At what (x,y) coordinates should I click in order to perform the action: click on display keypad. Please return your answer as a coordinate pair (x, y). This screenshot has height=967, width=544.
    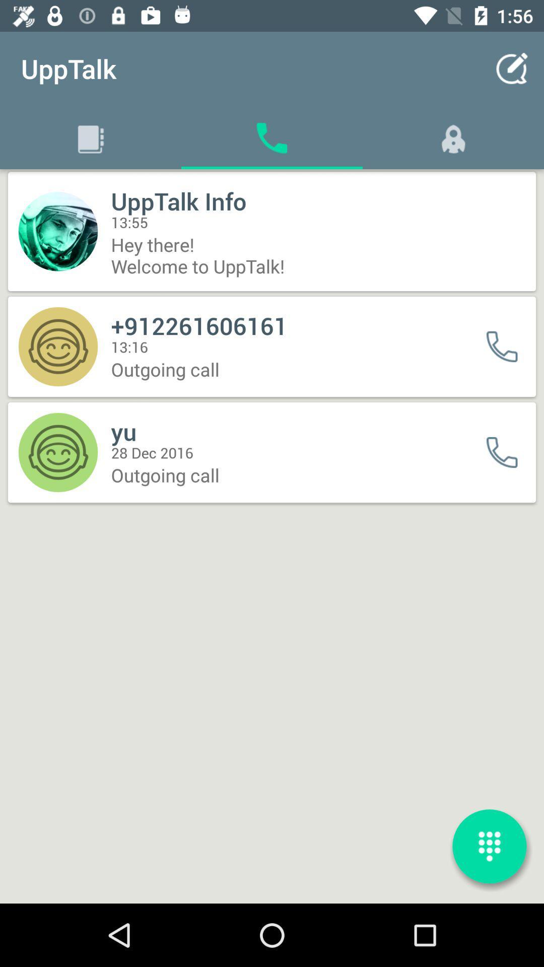
    Looking at the image, I should click on (489, 846).